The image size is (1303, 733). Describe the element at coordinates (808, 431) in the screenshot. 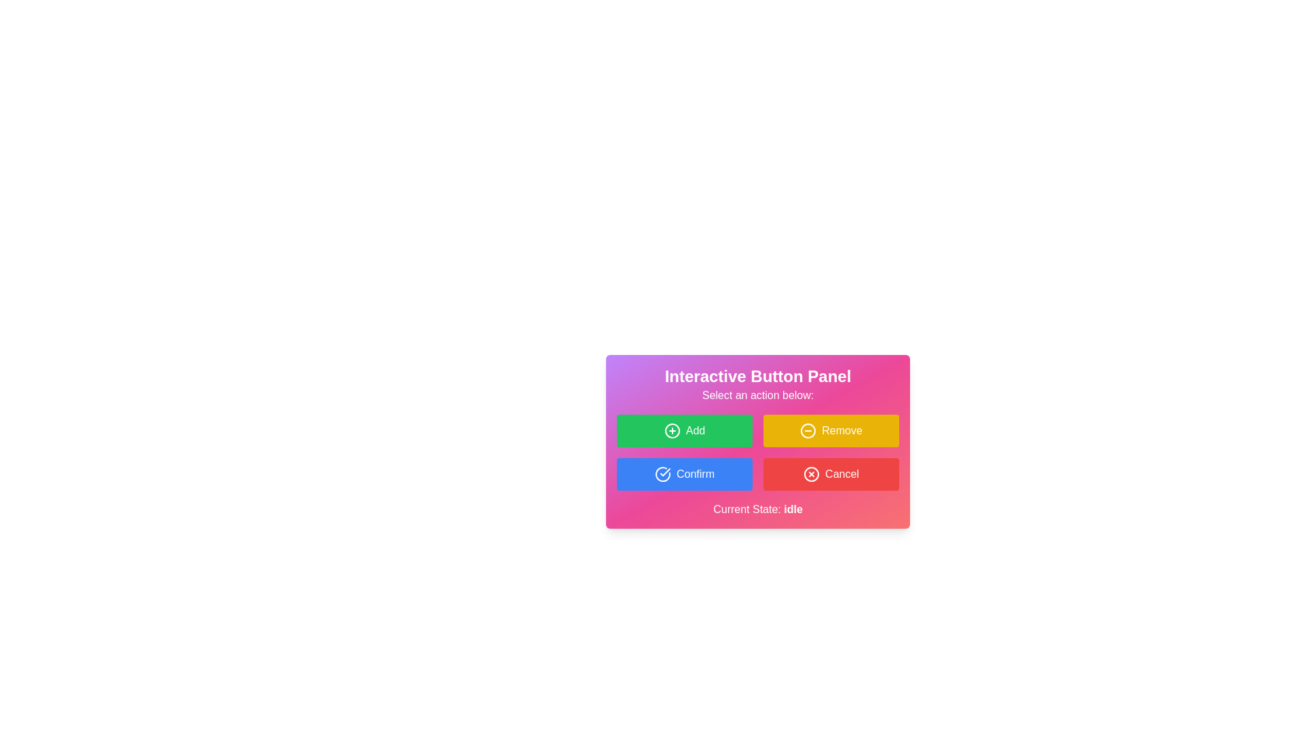

I see `the circular 'minus' icon with a yellow background located within the 'Remove' button, the second button in the top row of the button grid` at that location.